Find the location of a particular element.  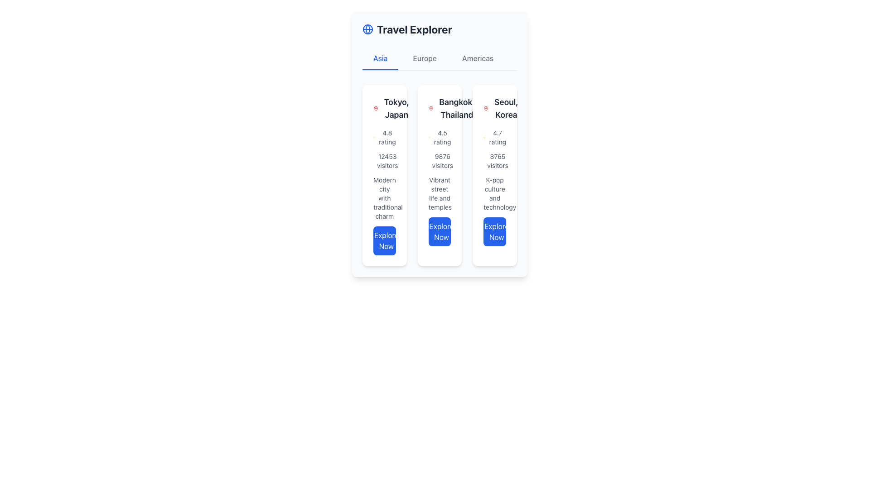

location identifier text that is accompanied by a map pin icon, located in the center card of the horizontally-arranged group of three cards under the 'Asia' section is located at coordinates (452, 108).